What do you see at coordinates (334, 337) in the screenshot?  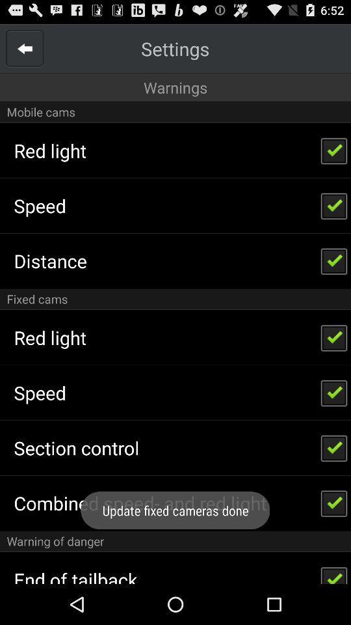 I see `the fourth check box button in the page` at bounding box center [334, 337].